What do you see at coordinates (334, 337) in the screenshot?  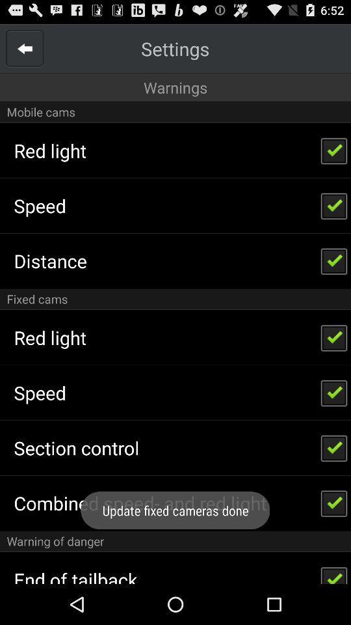 I see `the fourth check box button in the page` at bounding box center [334, 337].